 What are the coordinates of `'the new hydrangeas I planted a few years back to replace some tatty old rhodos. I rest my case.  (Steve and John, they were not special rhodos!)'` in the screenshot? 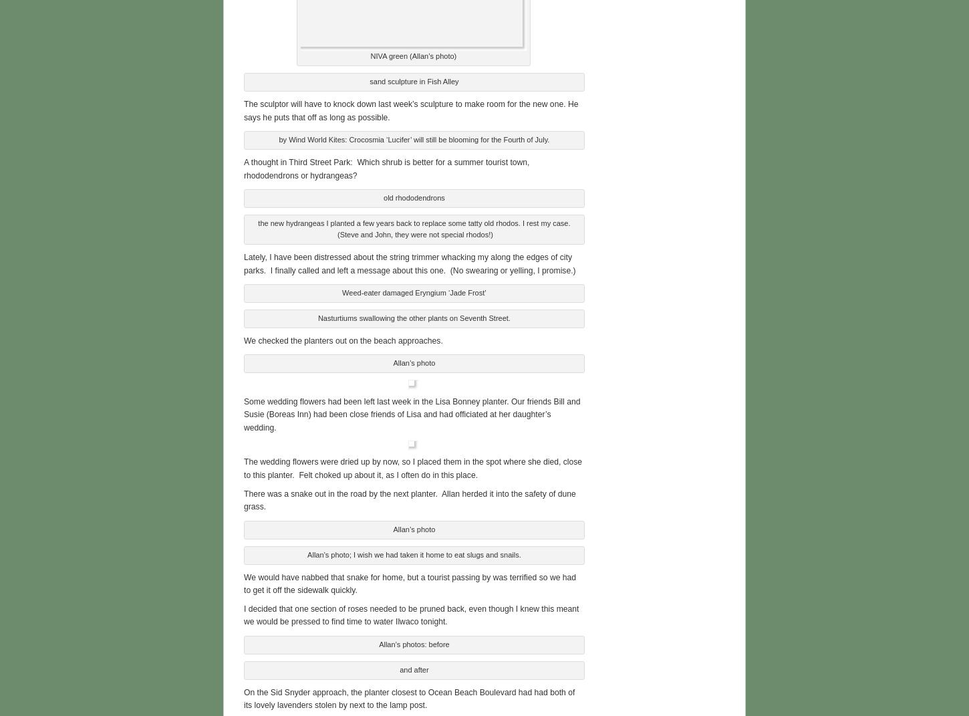 It's located at (413, 227).